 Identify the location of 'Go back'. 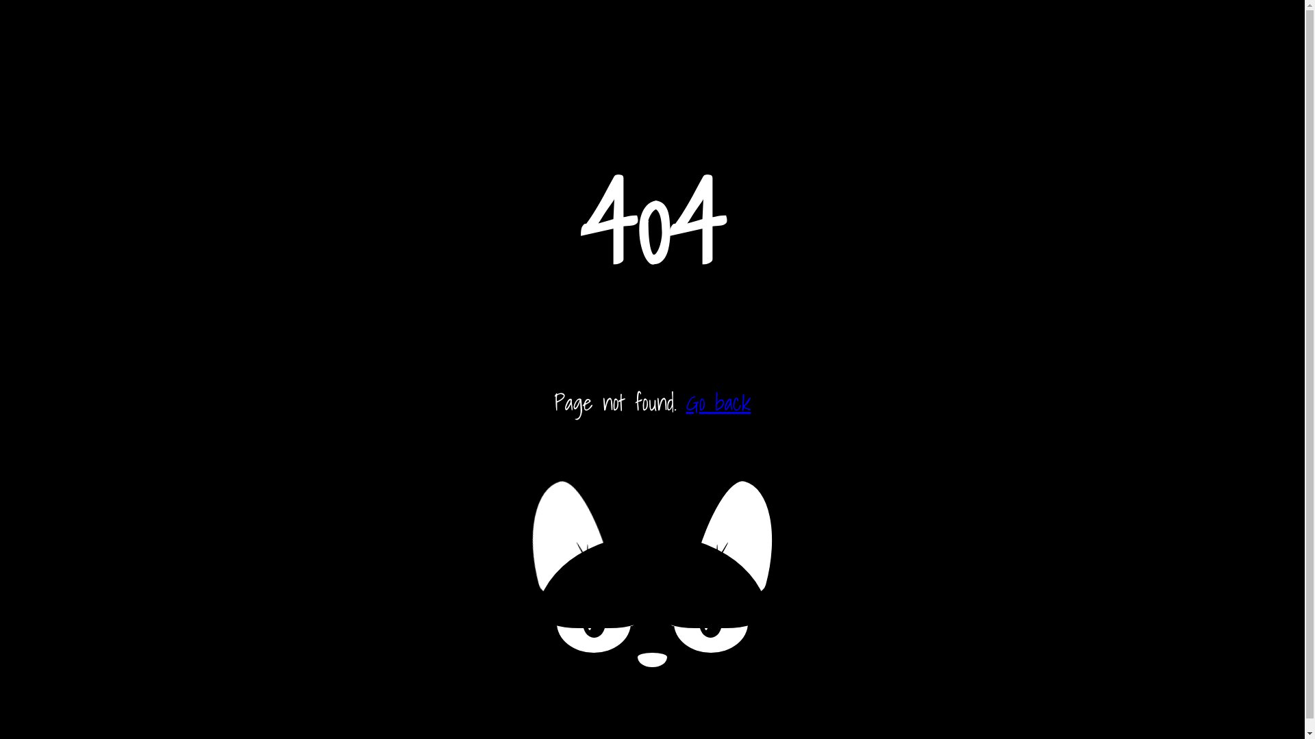
(718, 401).